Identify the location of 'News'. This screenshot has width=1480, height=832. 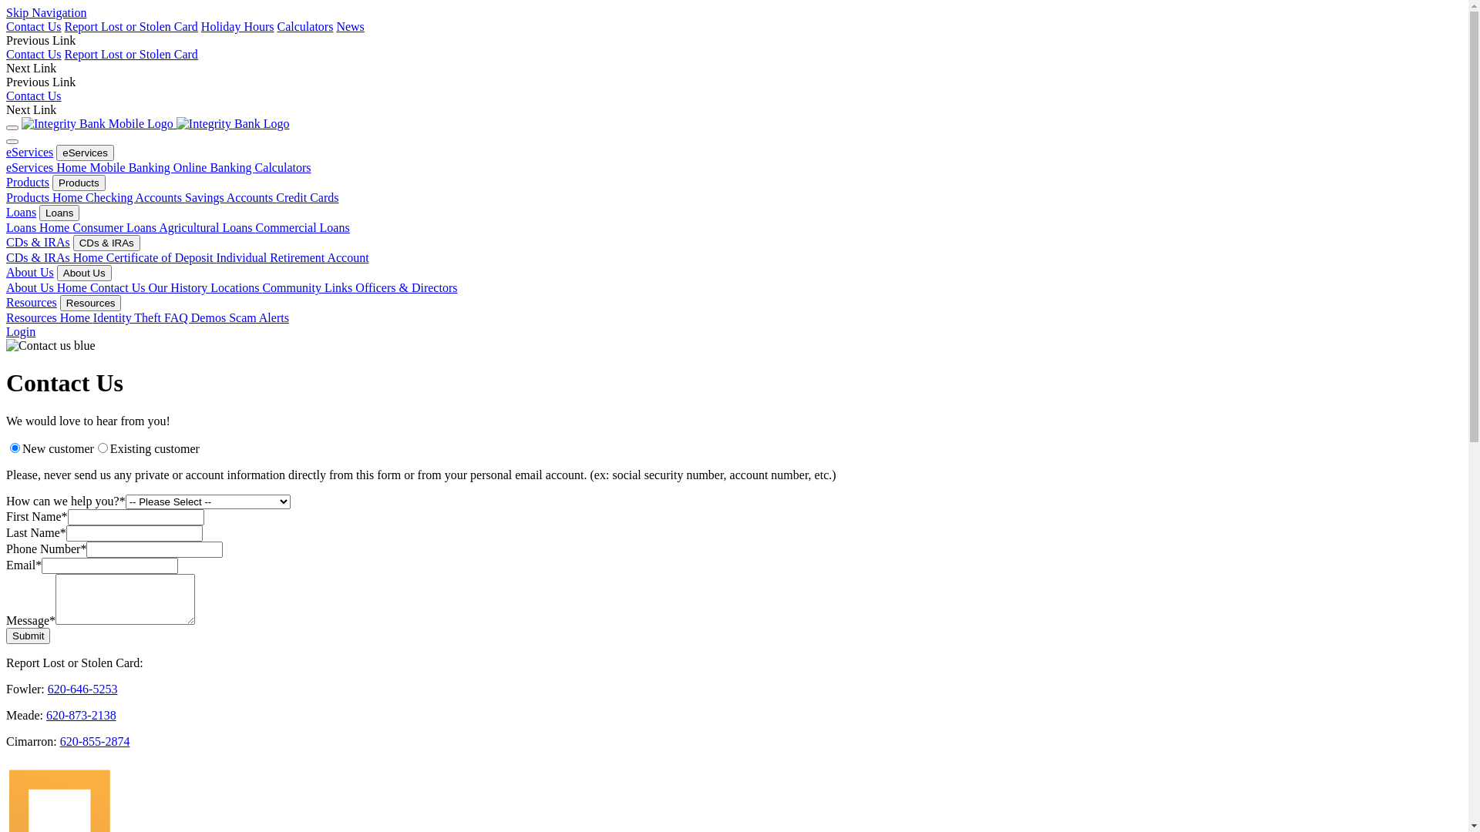
(335, 26).